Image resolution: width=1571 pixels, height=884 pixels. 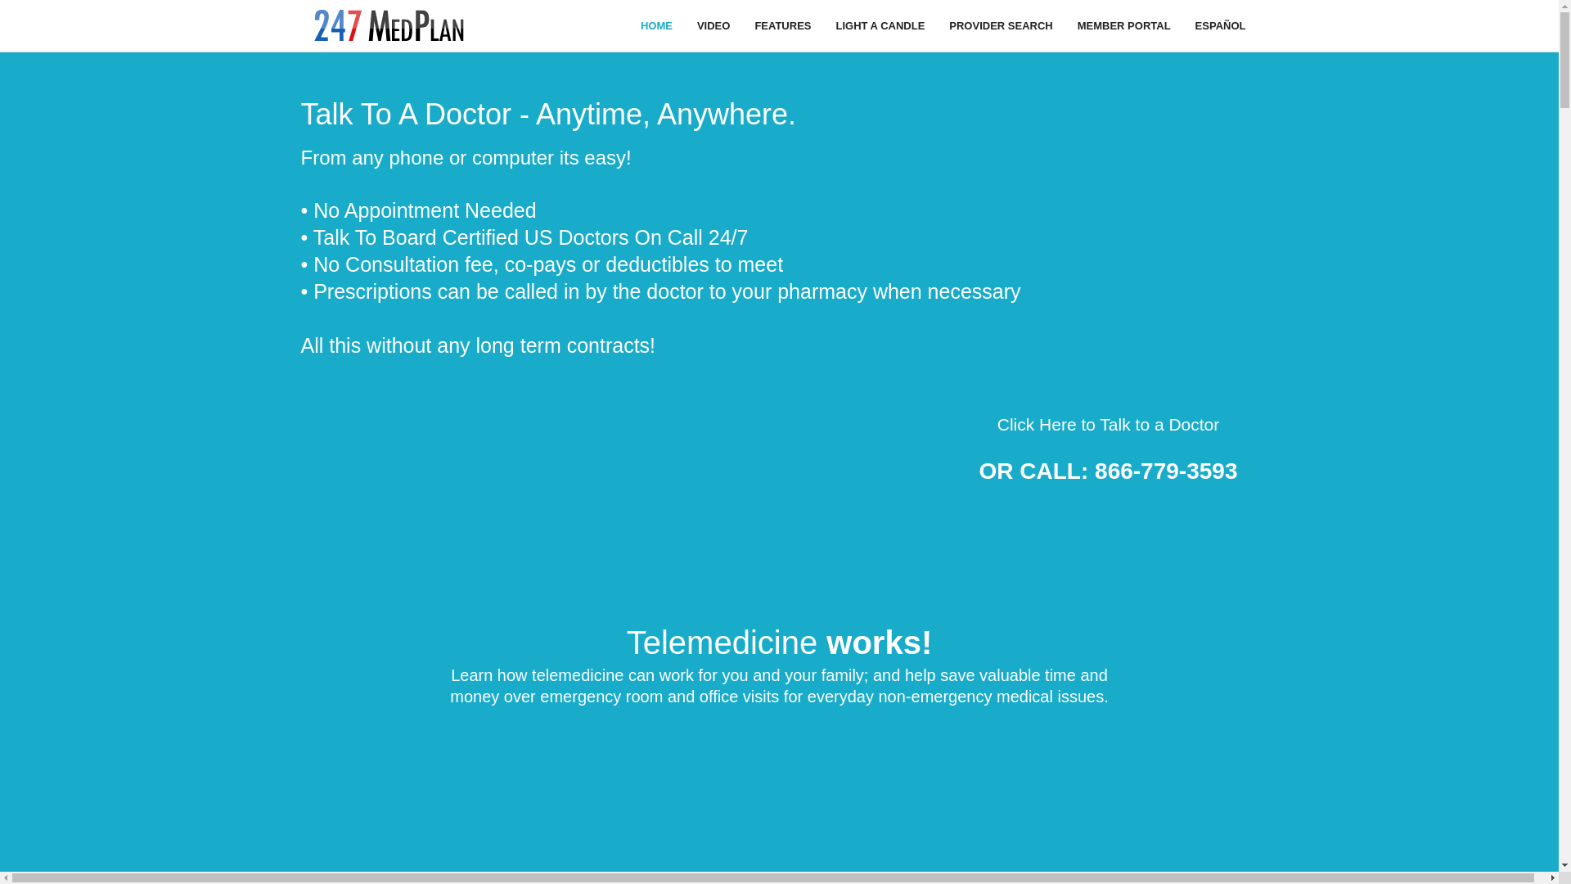 What do you see at coordinates (713, 25) in the screenshot?
I see `'VIDEO'` at bounding box center [713, 25].